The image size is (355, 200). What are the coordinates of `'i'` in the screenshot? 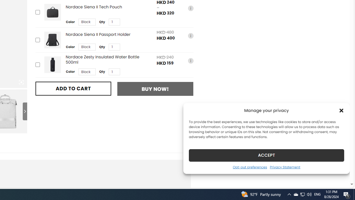 It's located at (191, 61).